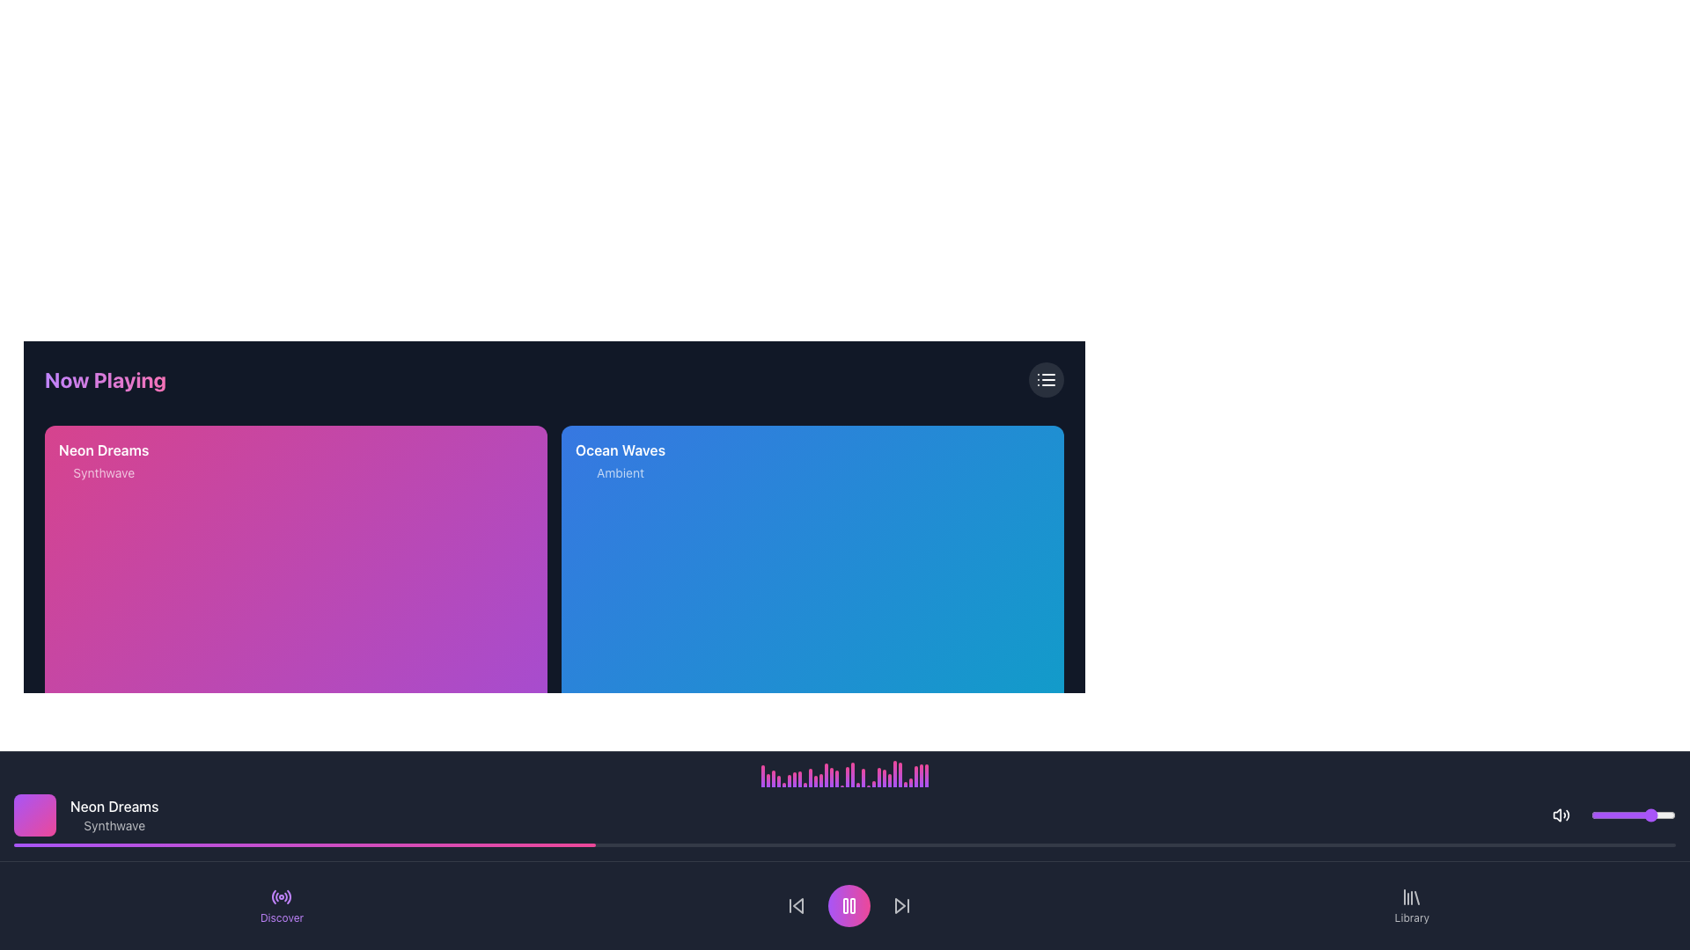 This screenshot has width=1690, height=950. I want to click on the circular purple radio signal icon, which has a bold center dot and radiating lines, so click(282, 896).